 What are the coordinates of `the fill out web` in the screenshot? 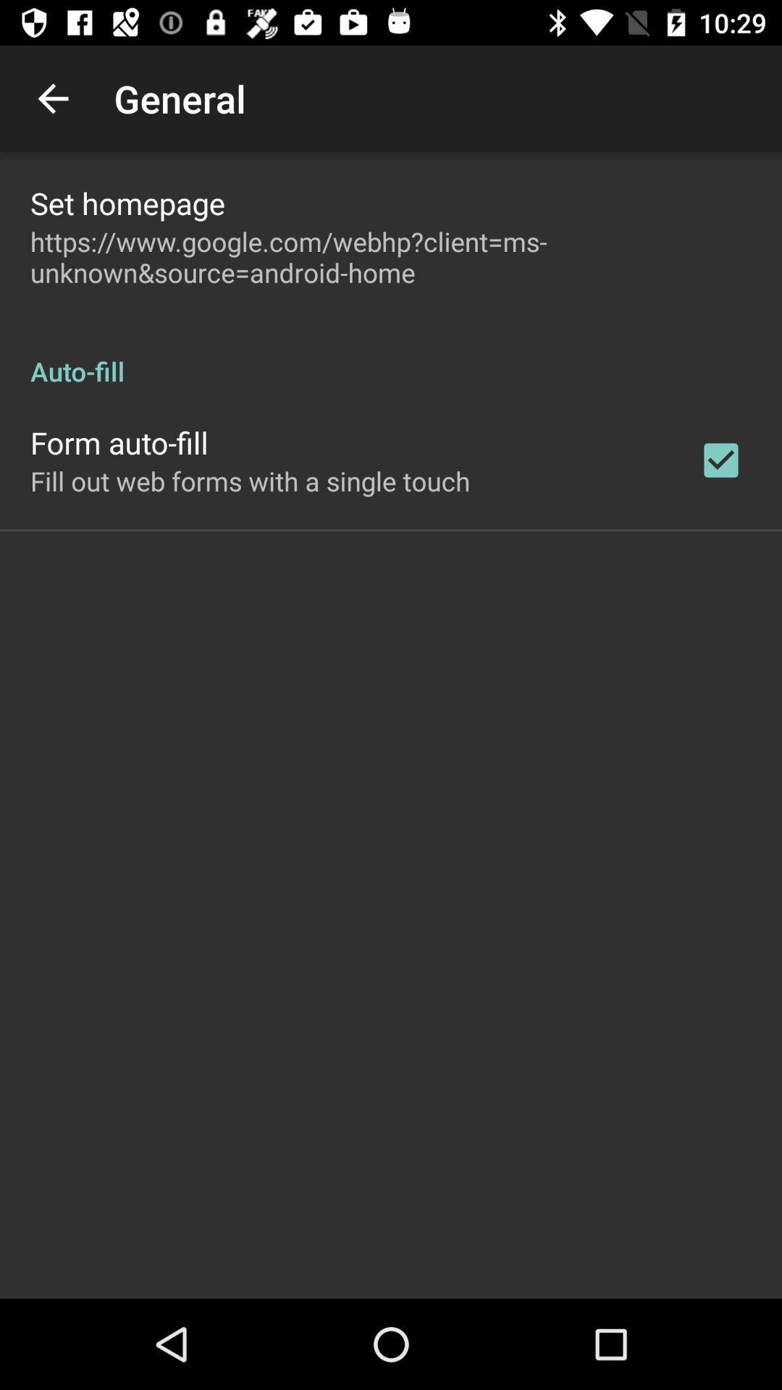 It's located at (249, 481).